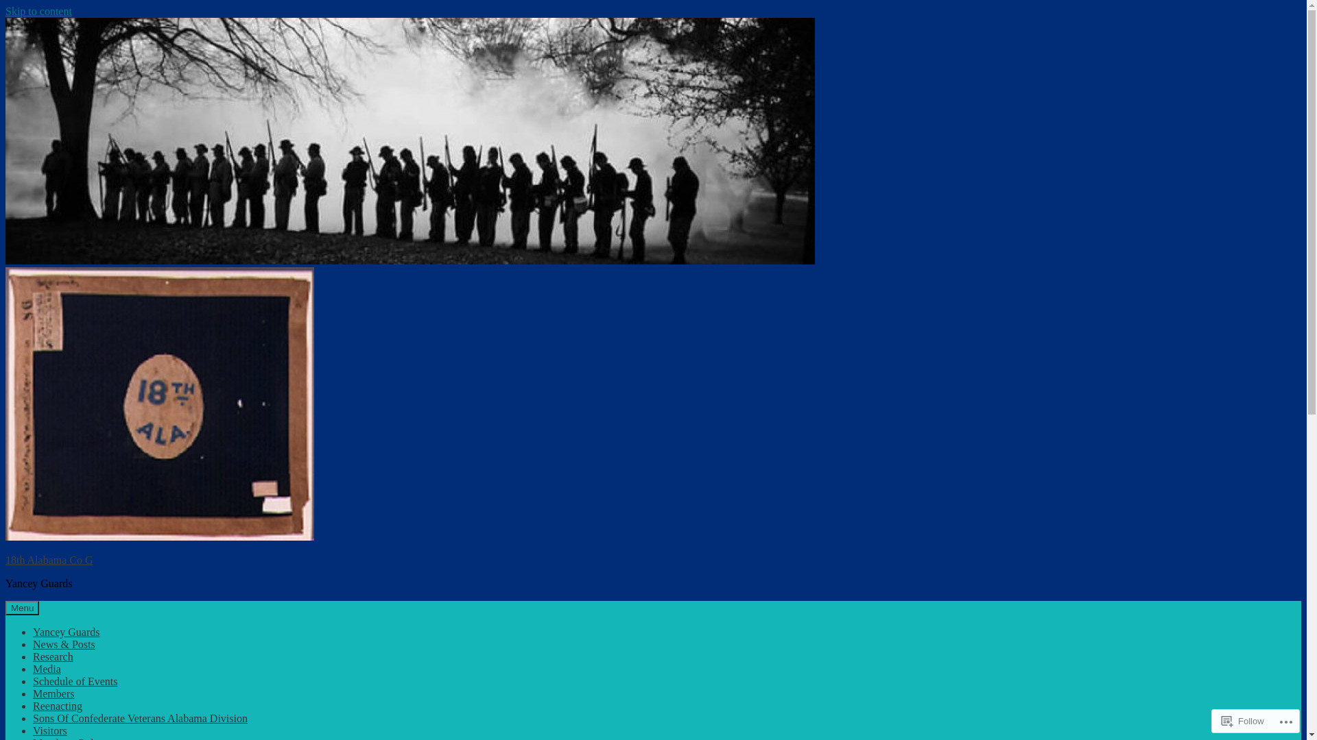 This screenshot has width=1317, height=740. I want to click on 'Menu', so click(22, 607).